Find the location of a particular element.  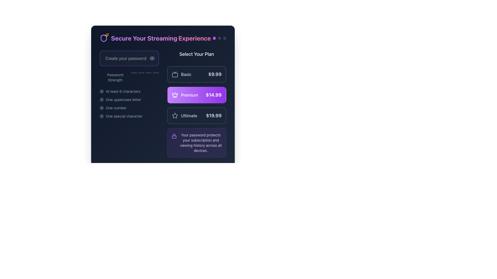

the first decorative visual indicator of the password strength meter, which is a small horizontal rectangular bar with a rounded appearance and a dark background, located under the 'Password Strength' label is located at coordinates (134, 73).